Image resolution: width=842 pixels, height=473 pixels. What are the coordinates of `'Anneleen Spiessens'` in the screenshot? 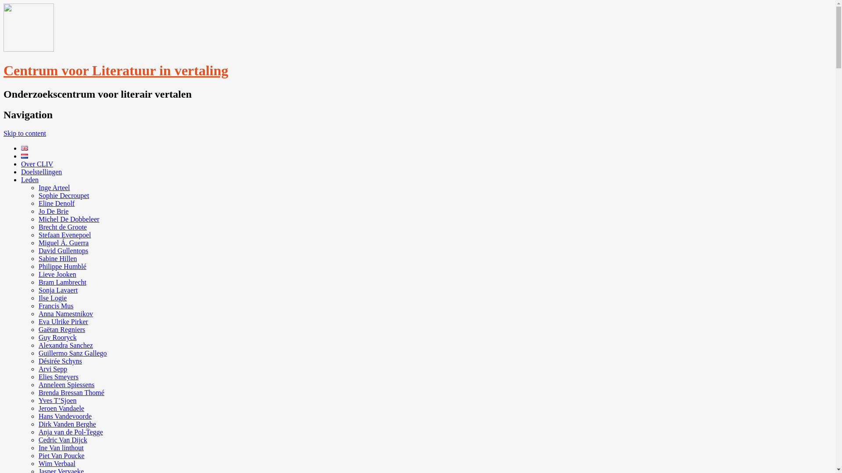 It's located at (66, 384).